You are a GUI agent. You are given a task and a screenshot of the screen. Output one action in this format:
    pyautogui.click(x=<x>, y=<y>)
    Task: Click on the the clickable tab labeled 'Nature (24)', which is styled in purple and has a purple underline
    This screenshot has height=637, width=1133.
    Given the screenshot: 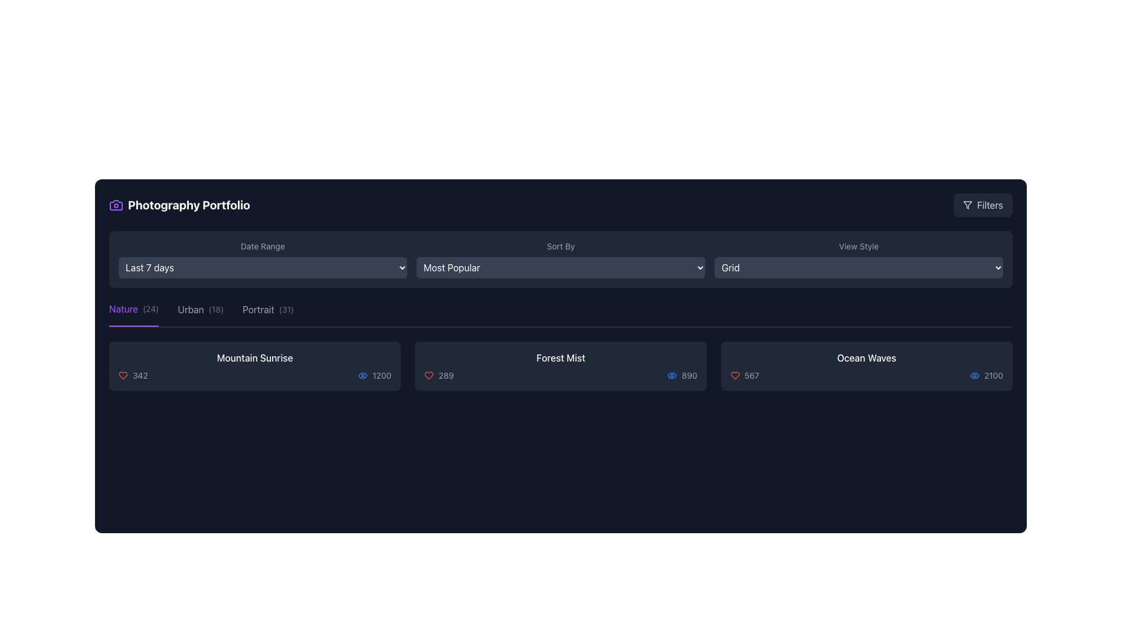 What is the action you would take?
    pyautogui.click(x=134, y=313)
    